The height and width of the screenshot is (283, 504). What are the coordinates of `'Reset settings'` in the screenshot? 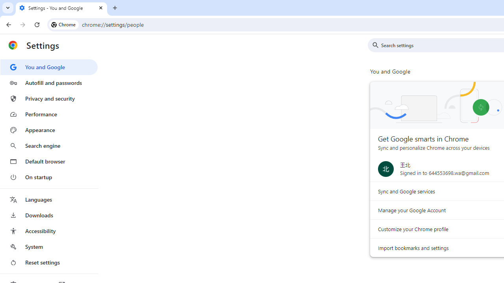 It's located at (48, 263).